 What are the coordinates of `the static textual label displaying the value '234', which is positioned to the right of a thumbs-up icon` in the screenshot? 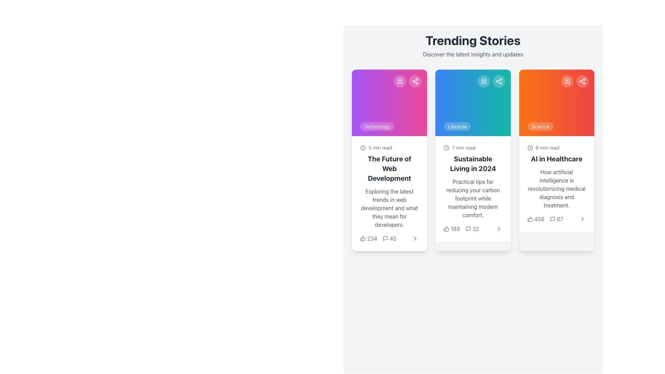 It's located at (372, 238).